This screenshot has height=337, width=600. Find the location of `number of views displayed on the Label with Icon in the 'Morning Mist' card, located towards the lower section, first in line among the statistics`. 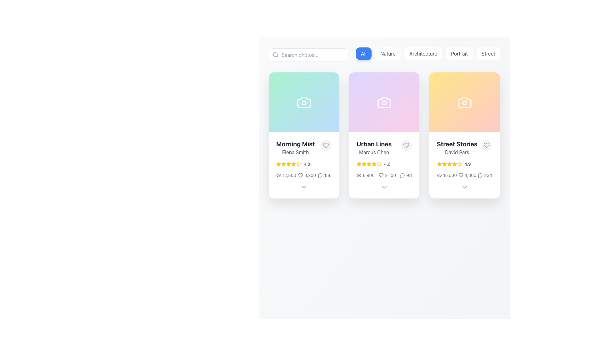

number of views displayed on the Label with Icon in the 'Morning Mist' card, located towards the lower section, first in line among the statistics is located at coordinates (286, 175).